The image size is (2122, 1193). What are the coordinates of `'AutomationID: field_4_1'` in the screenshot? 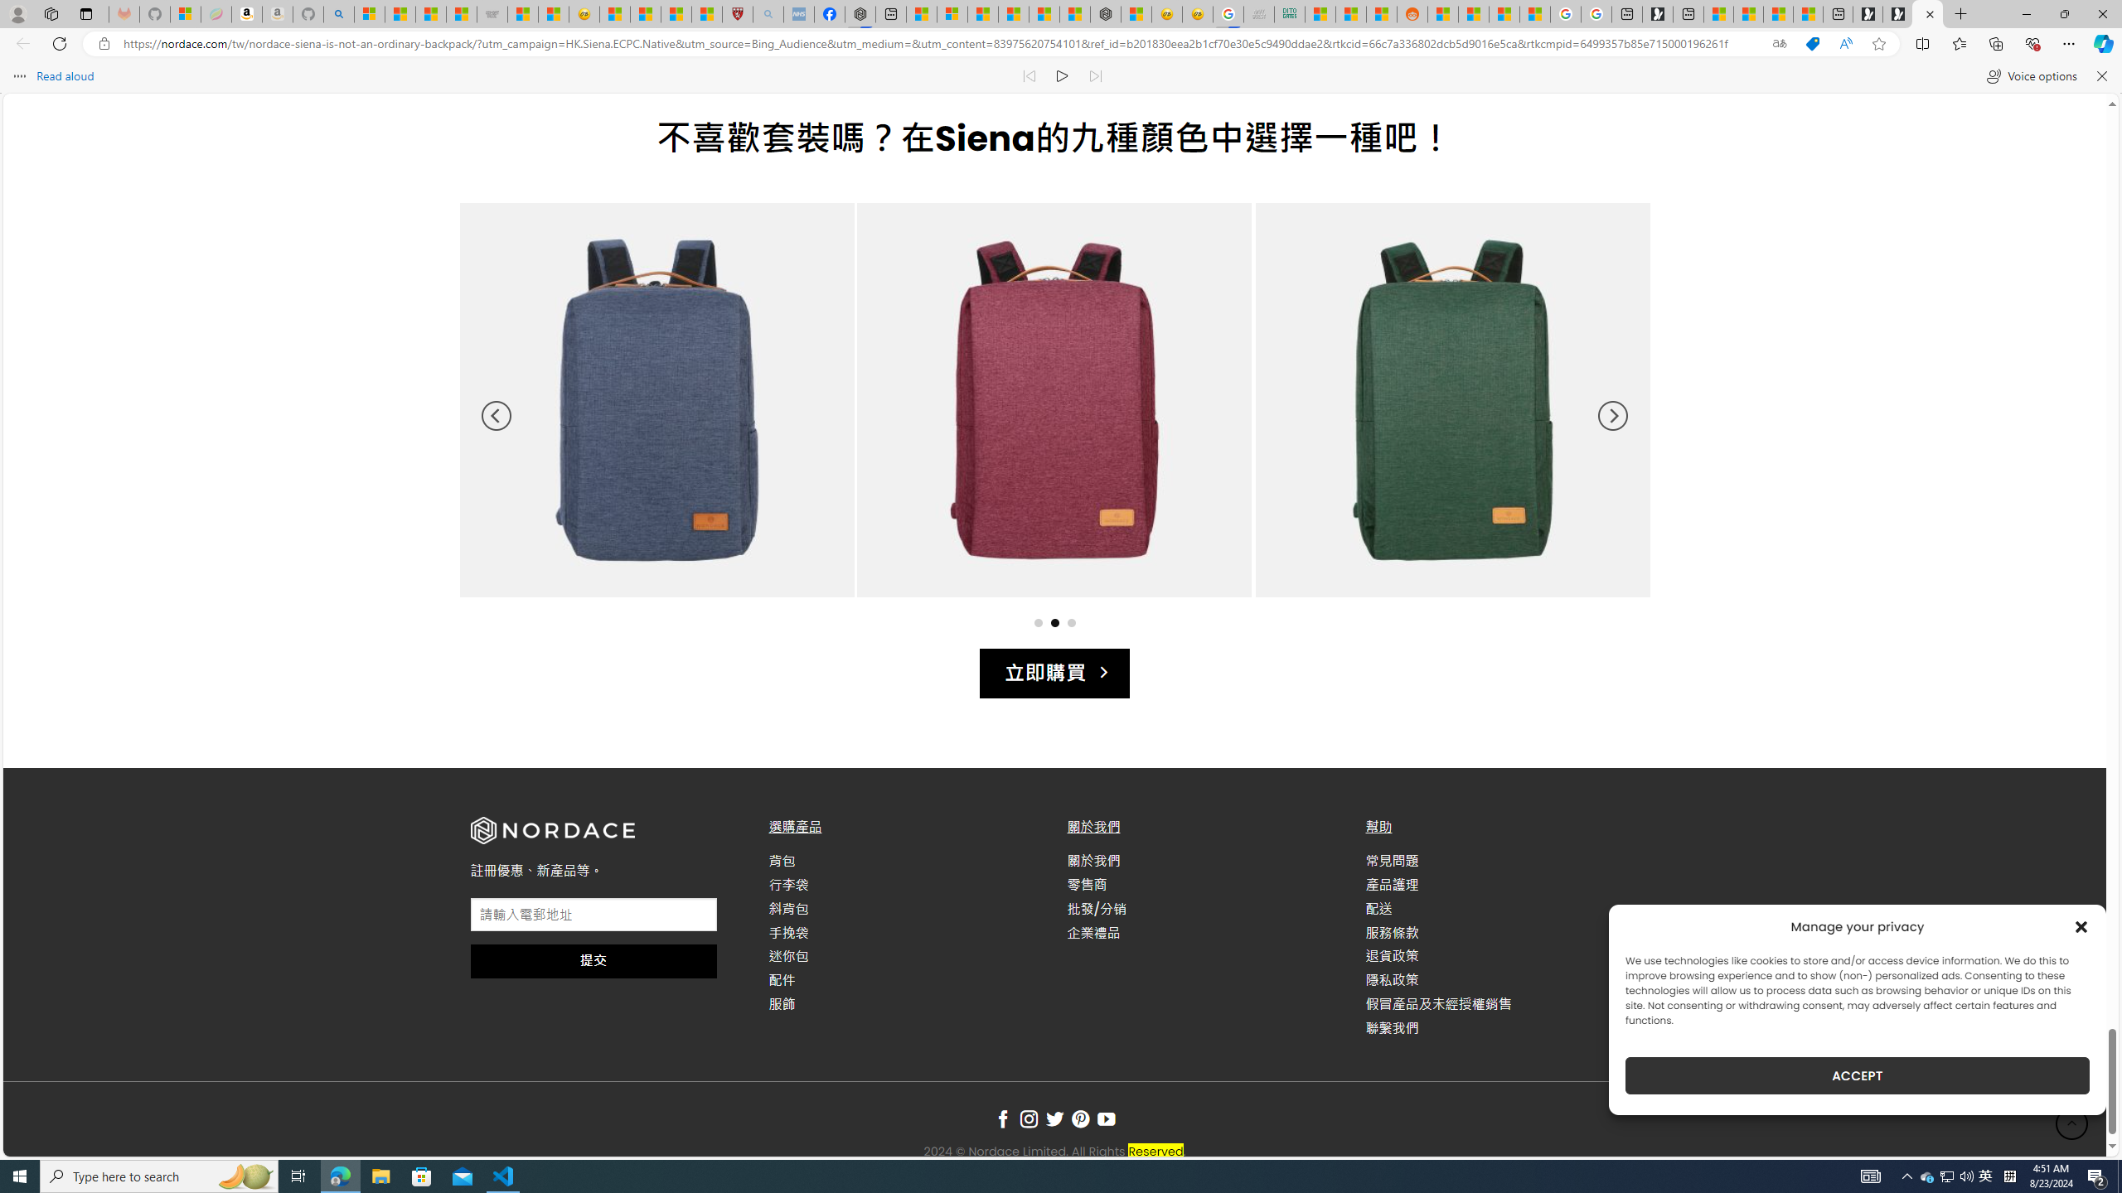 It's located at (592, 915).